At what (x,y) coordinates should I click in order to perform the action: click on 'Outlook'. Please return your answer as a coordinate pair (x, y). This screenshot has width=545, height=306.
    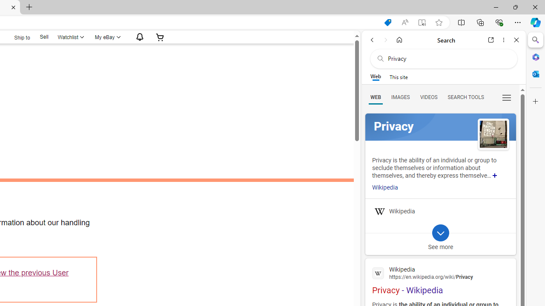
    Looking at the image, I should click on (535, 74).